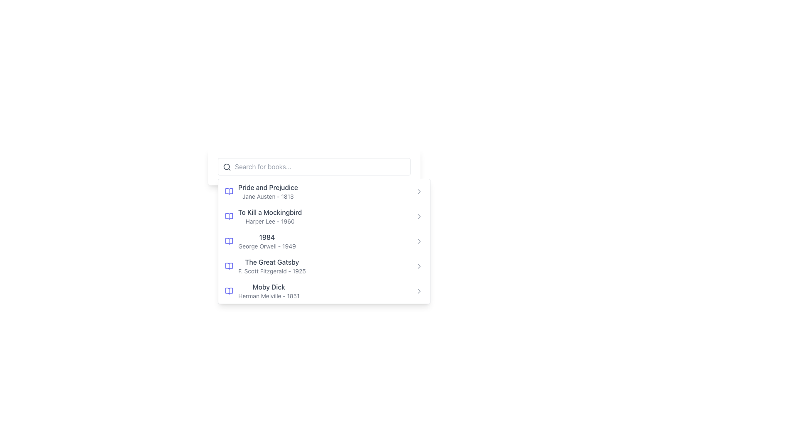  I want to click on to select the book entry titled 'Moby Dick' by Herman Melville, which is the fifth entry in the list of book details, so click(269, 291).